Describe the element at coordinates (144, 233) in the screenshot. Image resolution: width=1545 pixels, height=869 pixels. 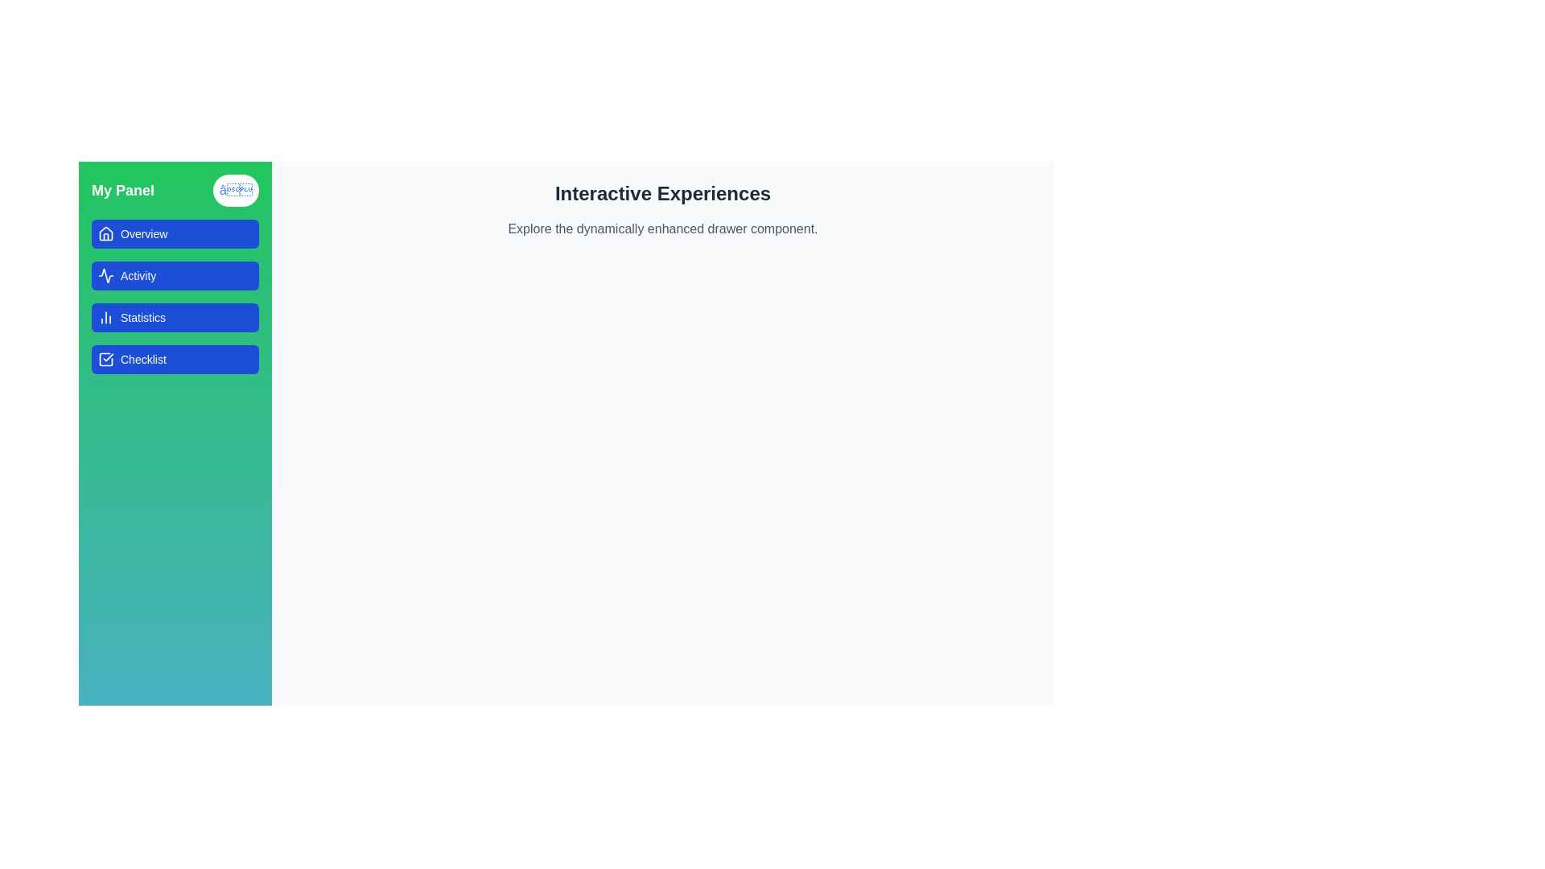
I see `the 'Overview' text element located in the left vertical navigation panel, positioned to the right of the house-shaped icon within the first blue button` at that location.